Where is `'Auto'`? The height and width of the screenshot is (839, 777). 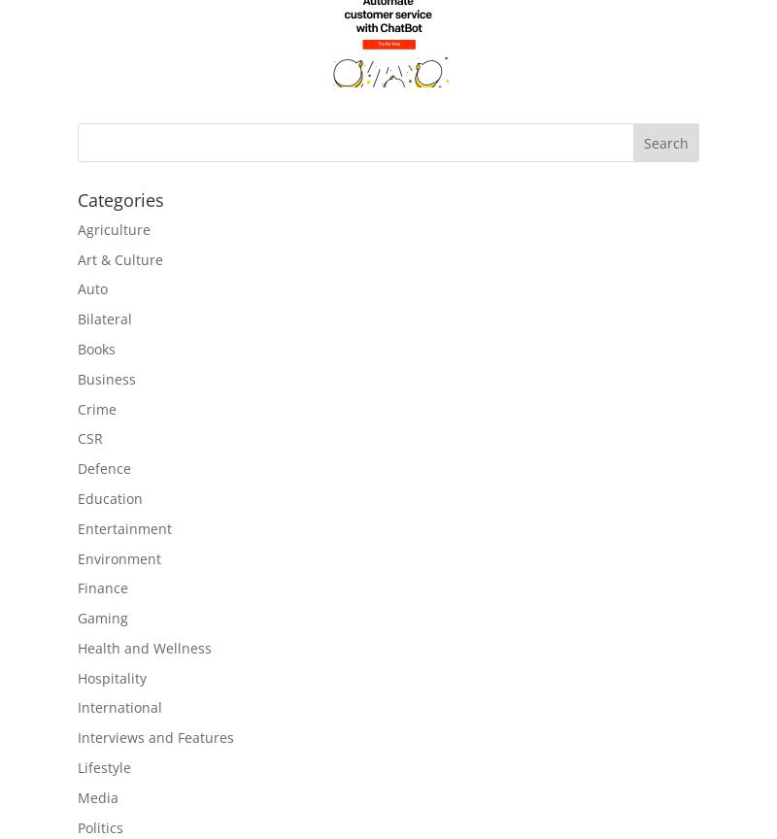
'Auto' is located at coordinates (78, 288).